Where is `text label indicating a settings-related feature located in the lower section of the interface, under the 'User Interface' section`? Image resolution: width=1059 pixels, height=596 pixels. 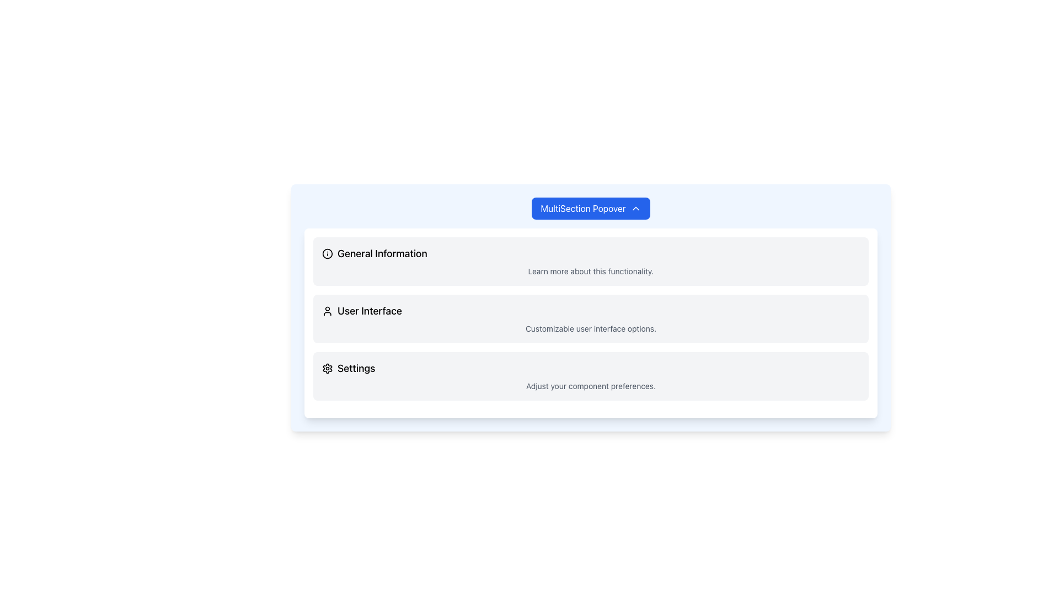 text label indicating a settings-related feature located in the lower section of the interface, under the 'User Interface' section is located at coordinates (356, 368).